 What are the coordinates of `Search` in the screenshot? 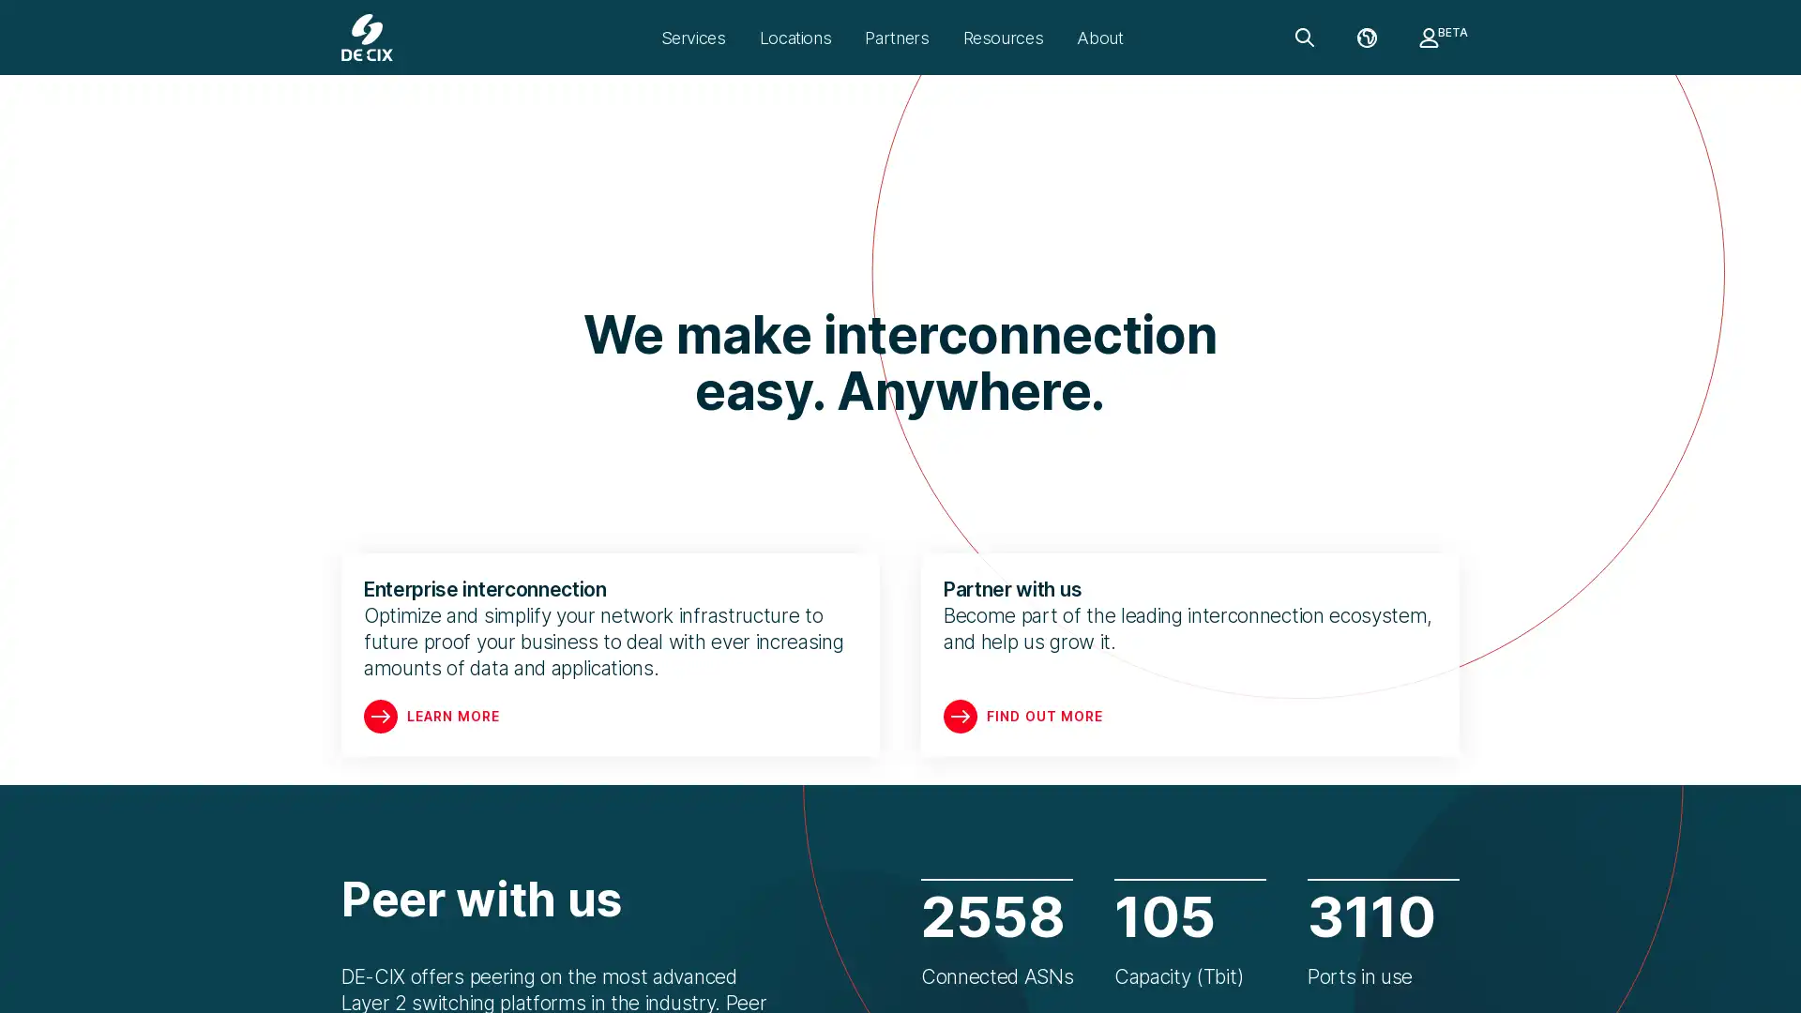 It's located at (1303, 37).